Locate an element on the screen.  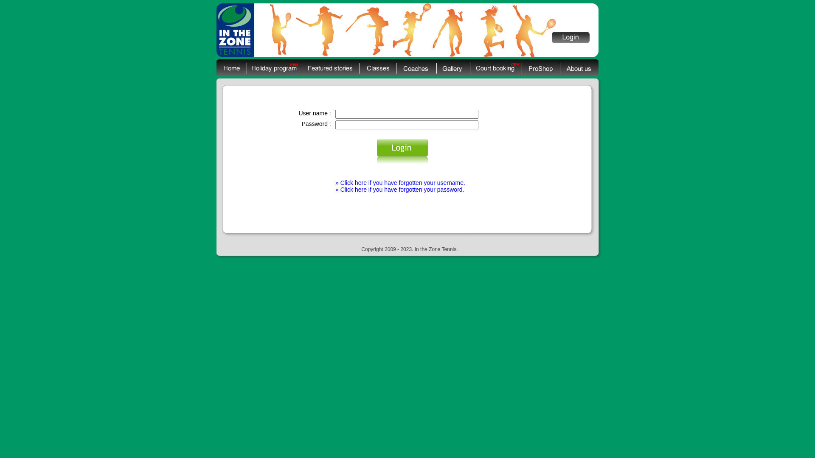
'About us' is located at coordinates (579, 67).